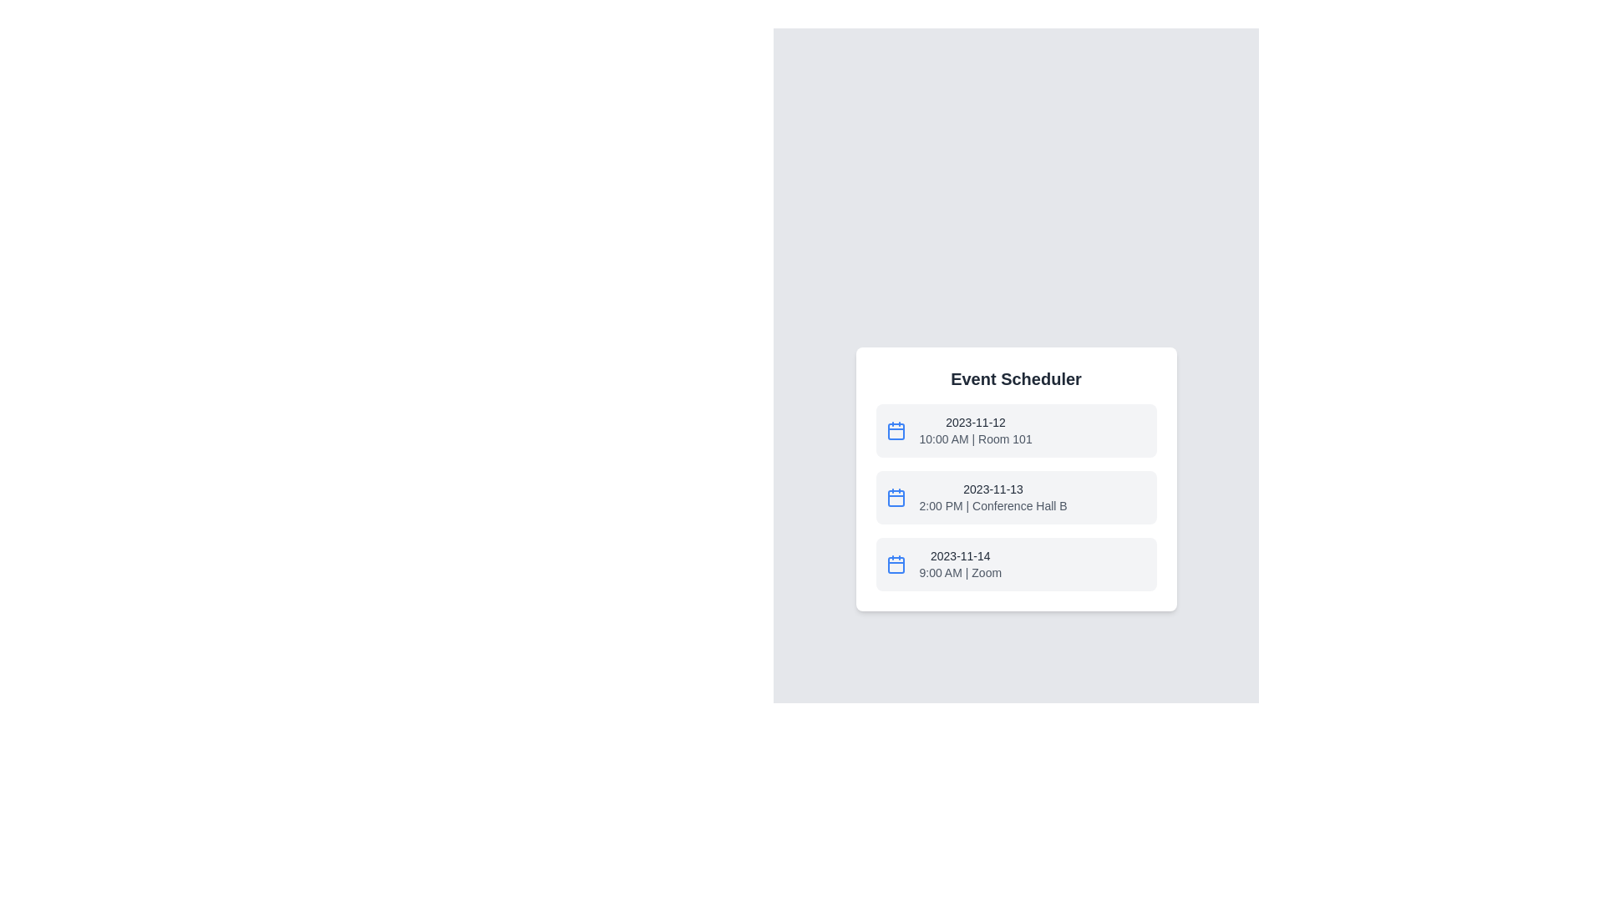 This screenshot has width=1604, height=902. Describe the element at coordinates (993, 504) in the screenshot. I see `displayed information regarding the time and venue of the event, which is located below the event date '2023-11-13' in the event scheduler's list` at that location.